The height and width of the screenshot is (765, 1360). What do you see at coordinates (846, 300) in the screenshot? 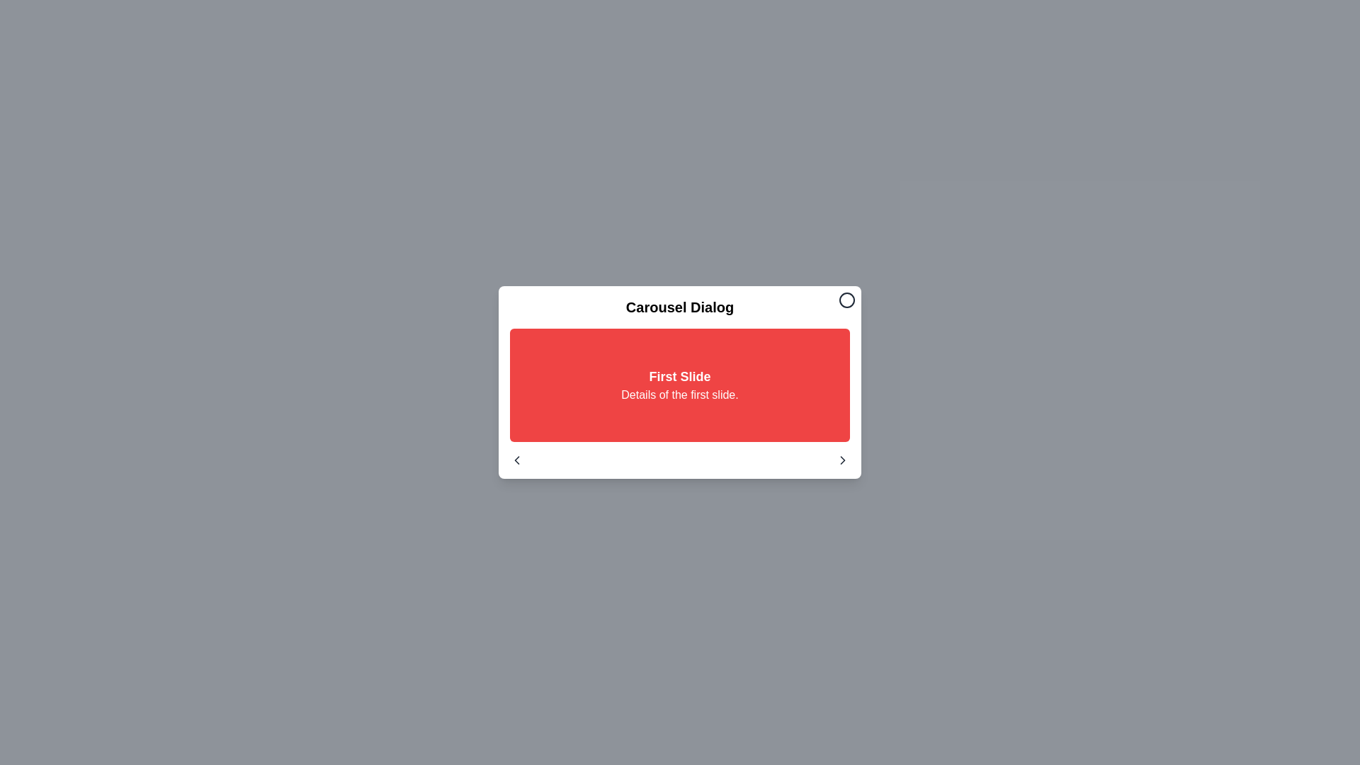
I see `close button at the top-right corner of the dialog to close it` at bounding box center [846, 300].